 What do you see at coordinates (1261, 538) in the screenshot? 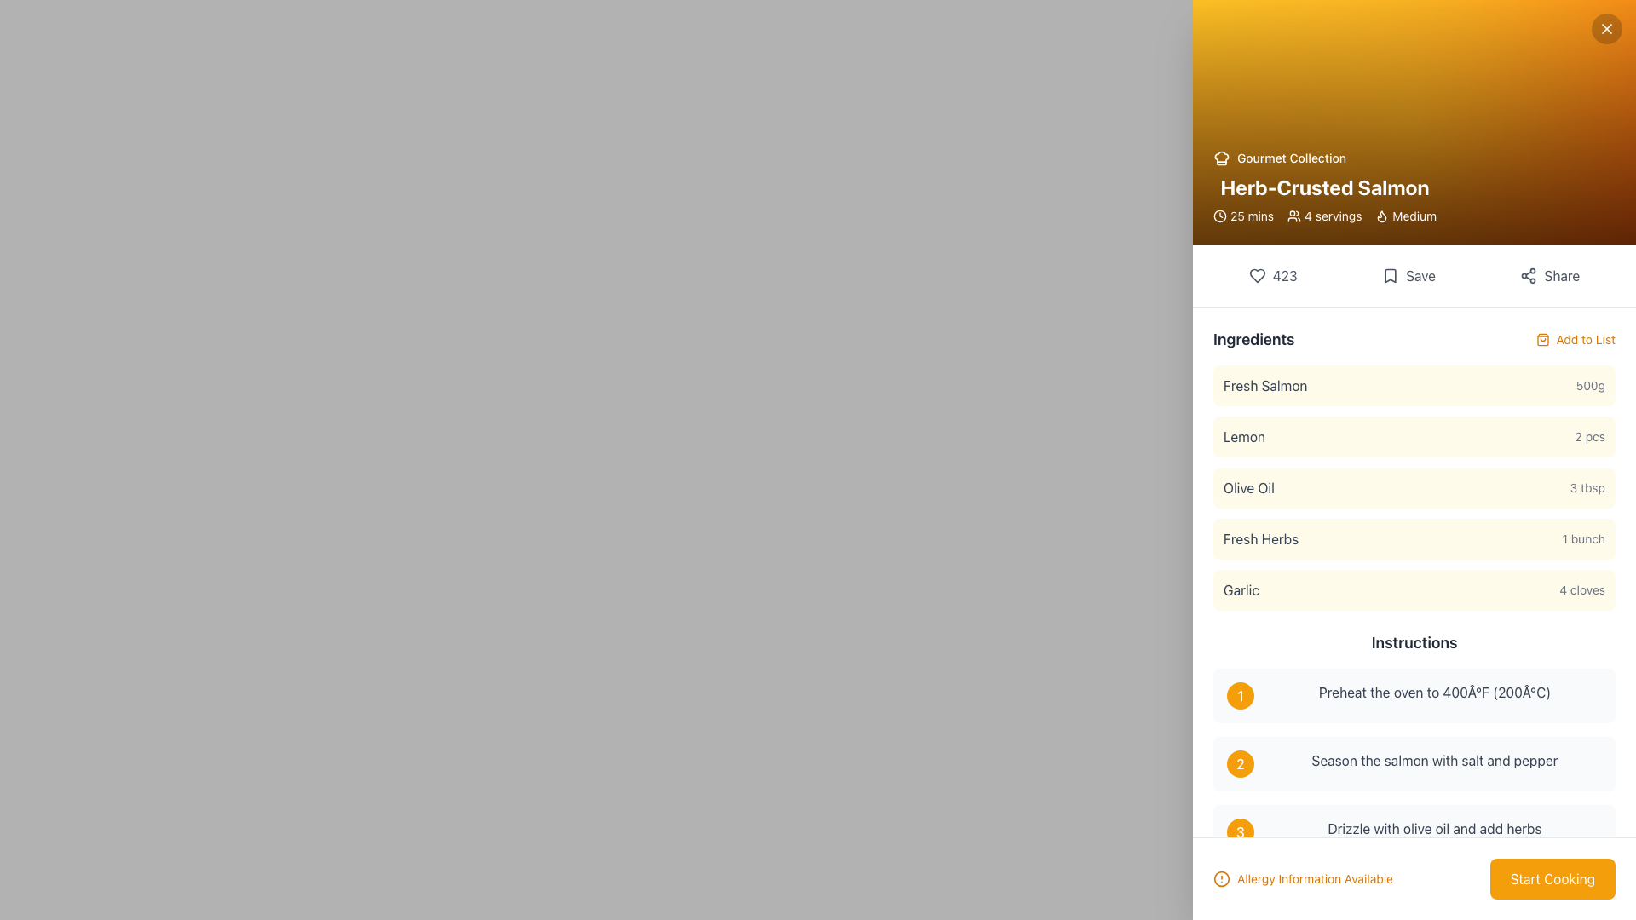
I see `the 'Fresh Herbs' text label in the 'Ingredients' section, which serves as the main title for the ingredient` at bounding box center [1261, 538].